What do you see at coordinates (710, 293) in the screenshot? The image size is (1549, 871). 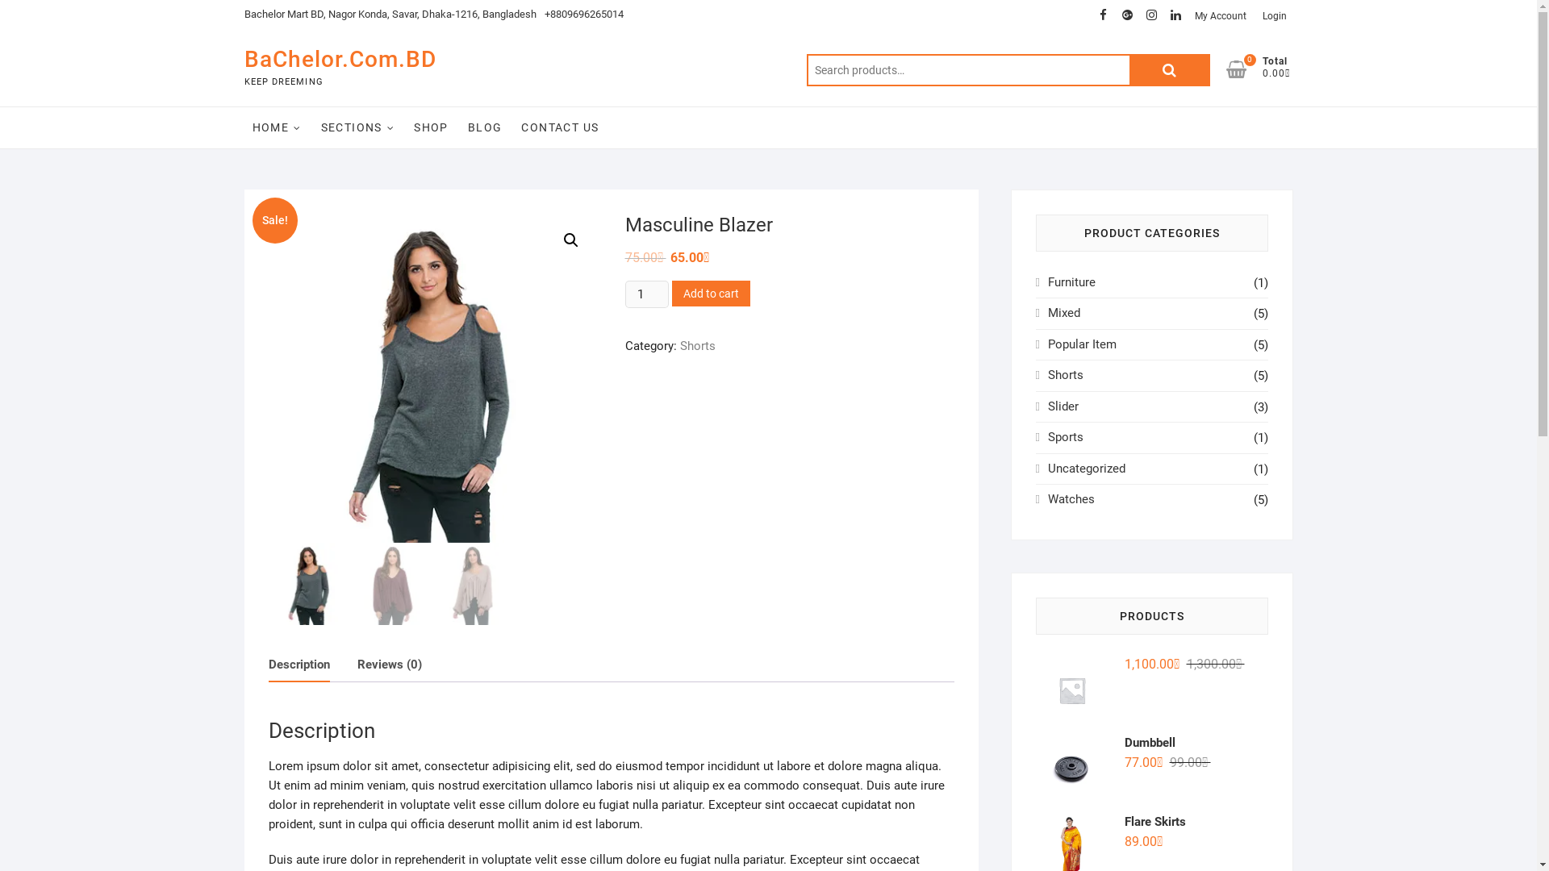 I see `'Add to cart'` at bounding box center [710, 293].